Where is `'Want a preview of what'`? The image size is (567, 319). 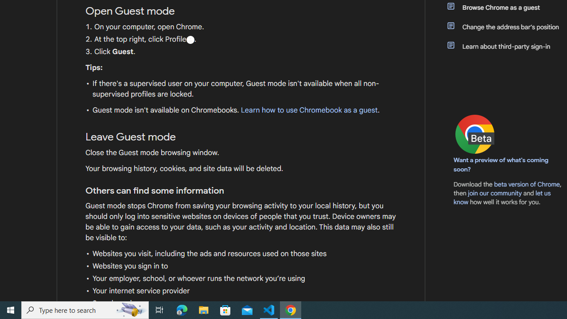 'Want a preview of what' is located at coordinates (501, 164).